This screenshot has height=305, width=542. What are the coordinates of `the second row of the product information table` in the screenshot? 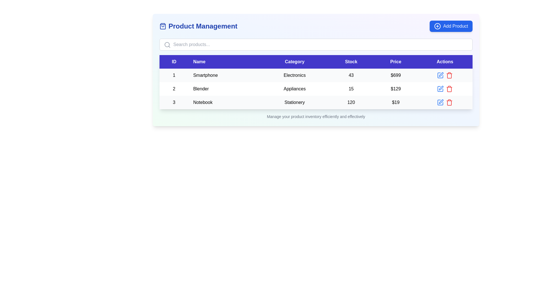 It's located at (316, 89).